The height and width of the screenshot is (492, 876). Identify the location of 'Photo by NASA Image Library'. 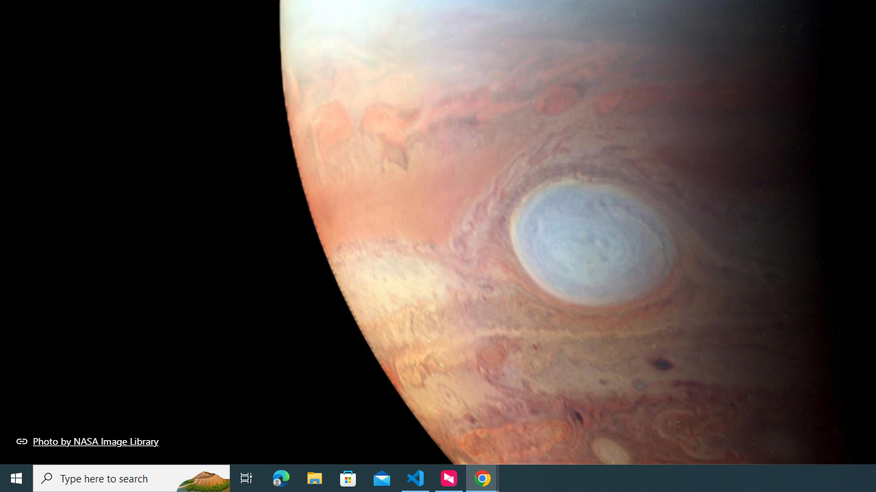
(87, 441).